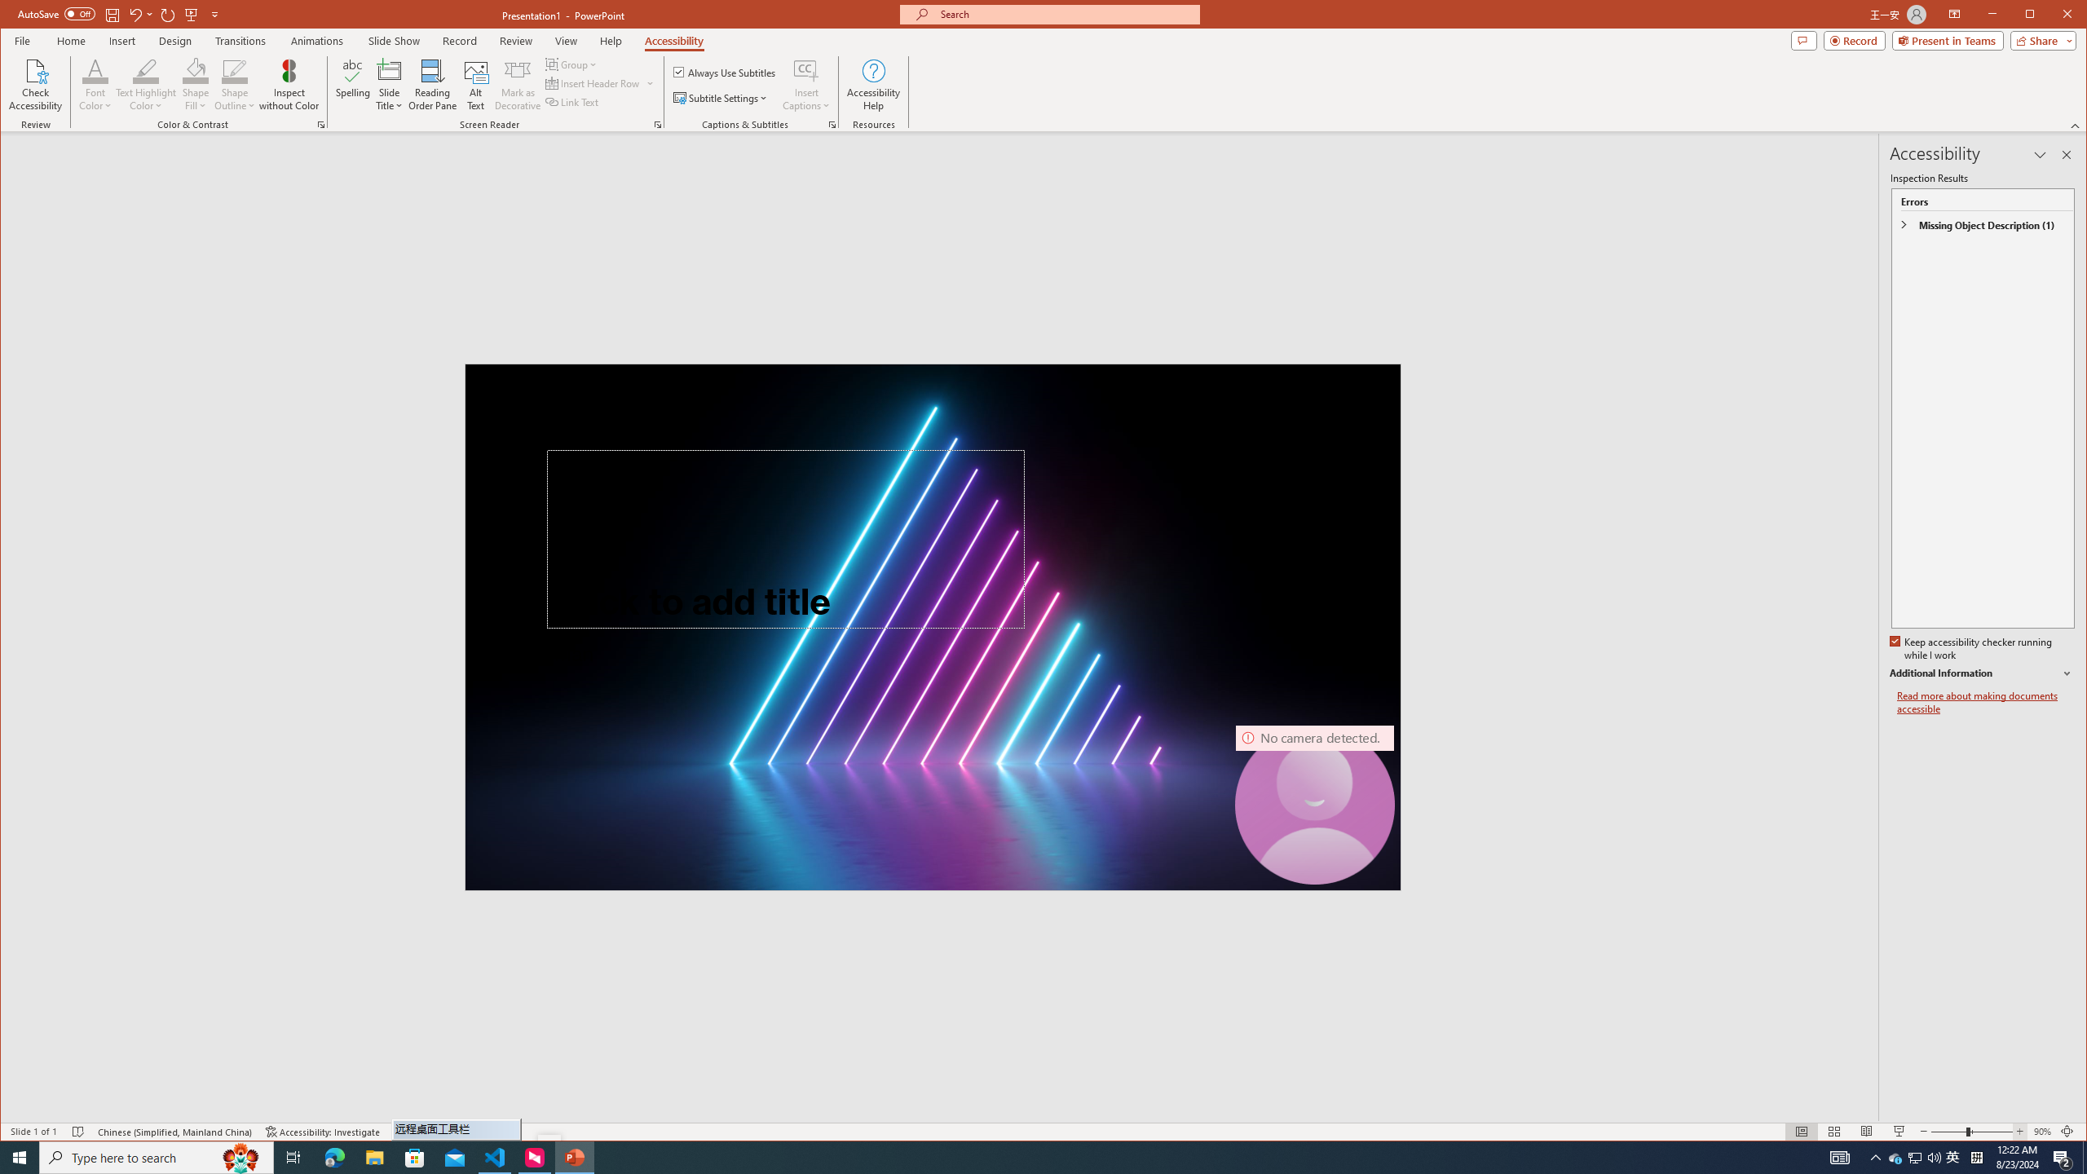 The height and width of the screenshot is (1174, 2087). Describe the element at coordinates (724, 71) in the screenshot. I see `'Always Use Subtitles'` at that location.